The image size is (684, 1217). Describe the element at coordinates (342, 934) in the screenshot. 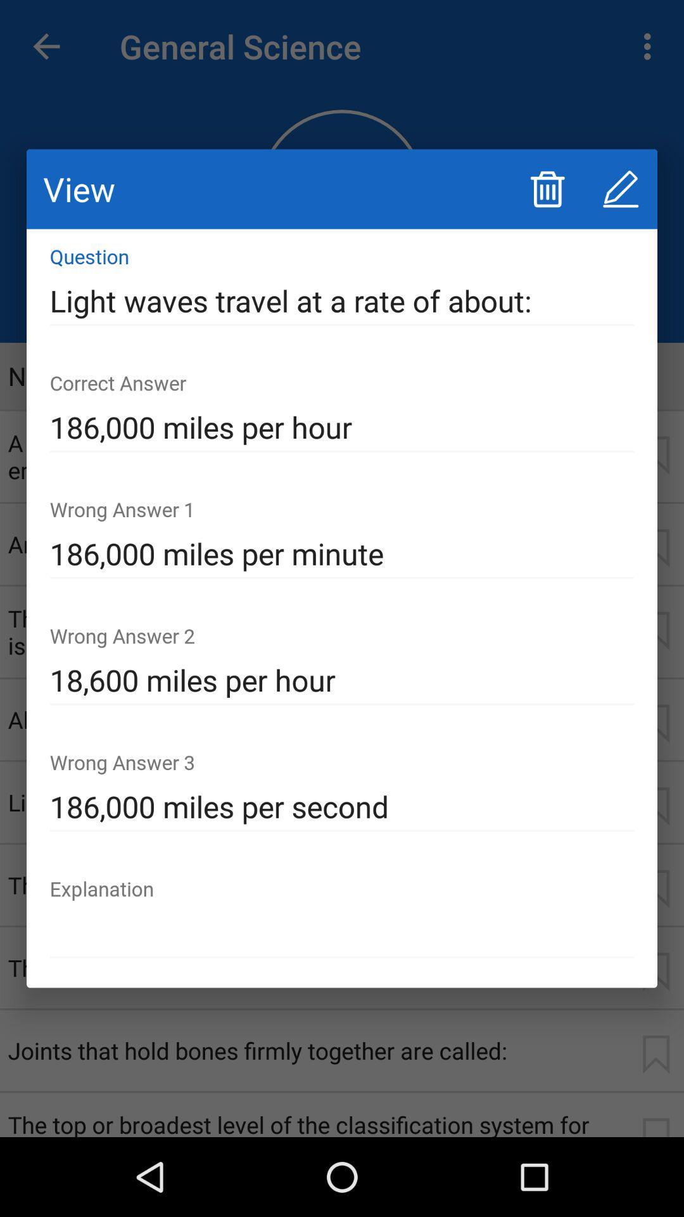

I see `item below the 186 000 miles item` at that location.